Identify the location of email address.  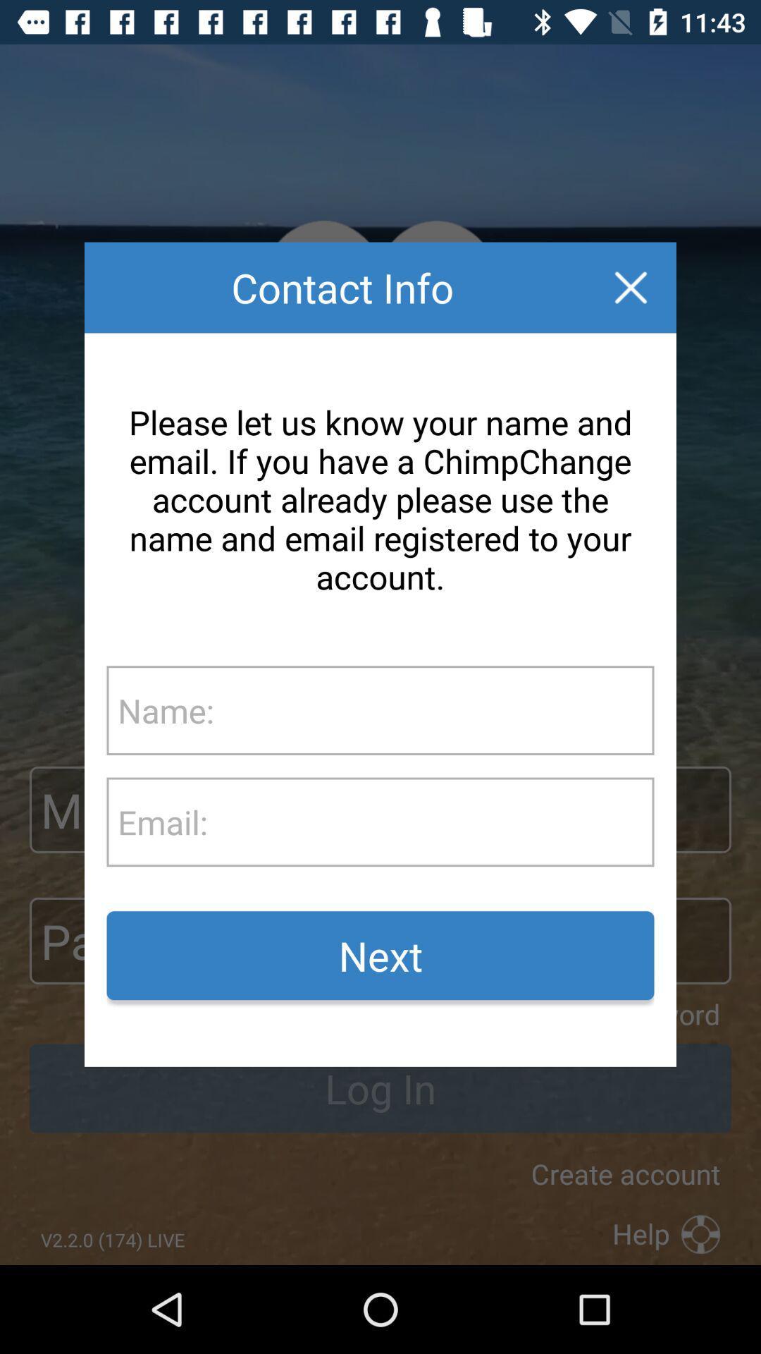
(430, 822).